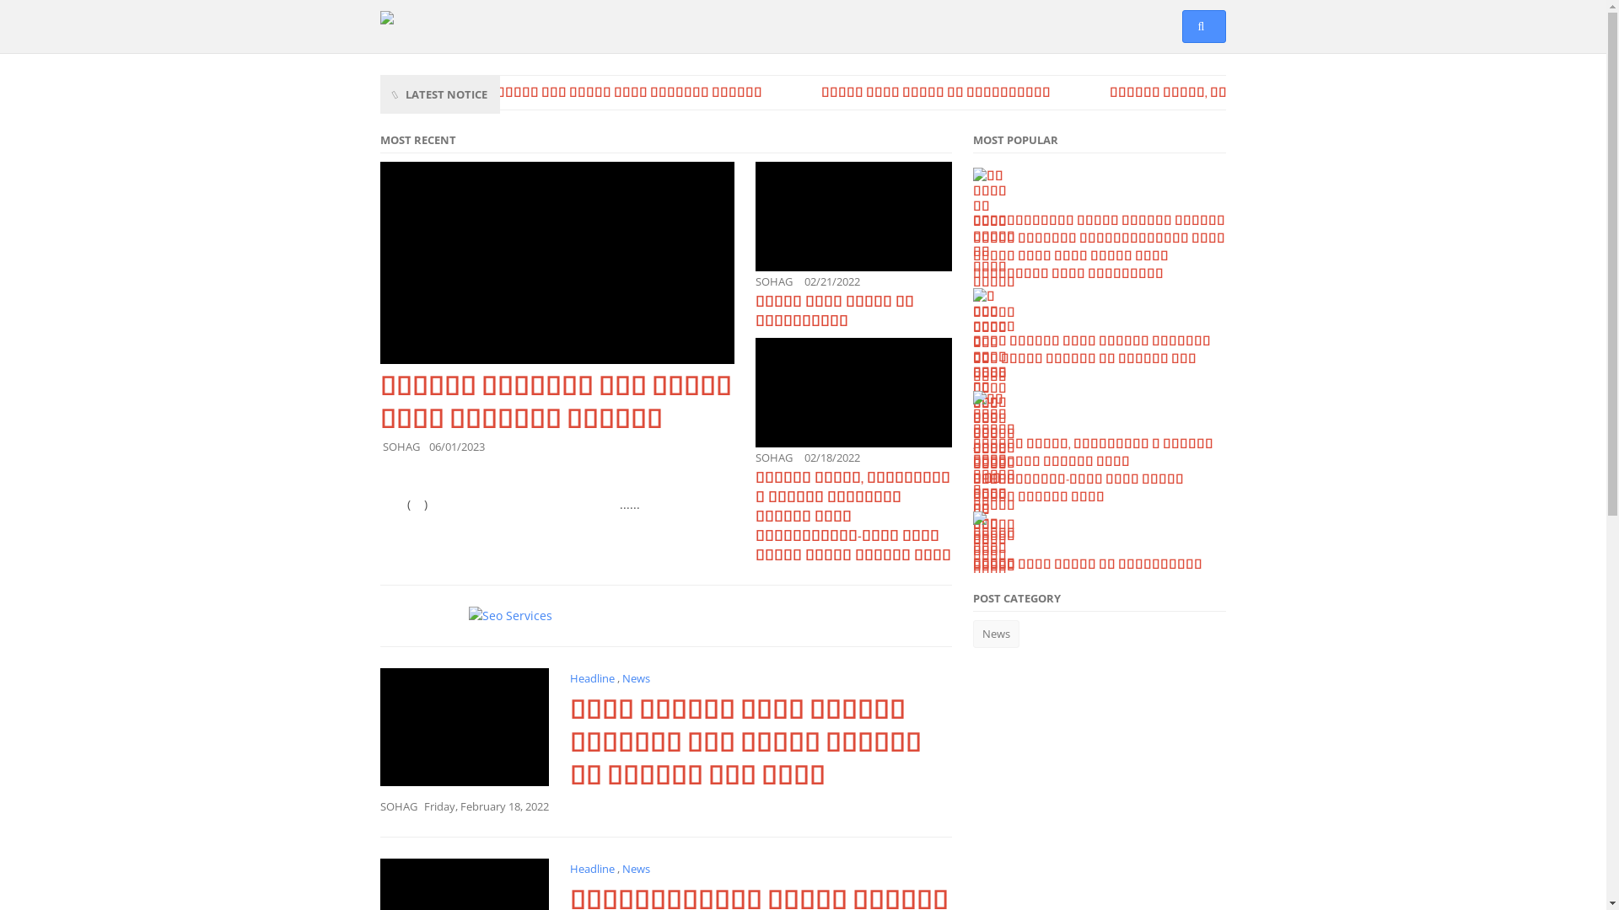  Describe the element at coordinates (446, 94) in the screenshot. I see `'LATEST NOTICE'` at that location.